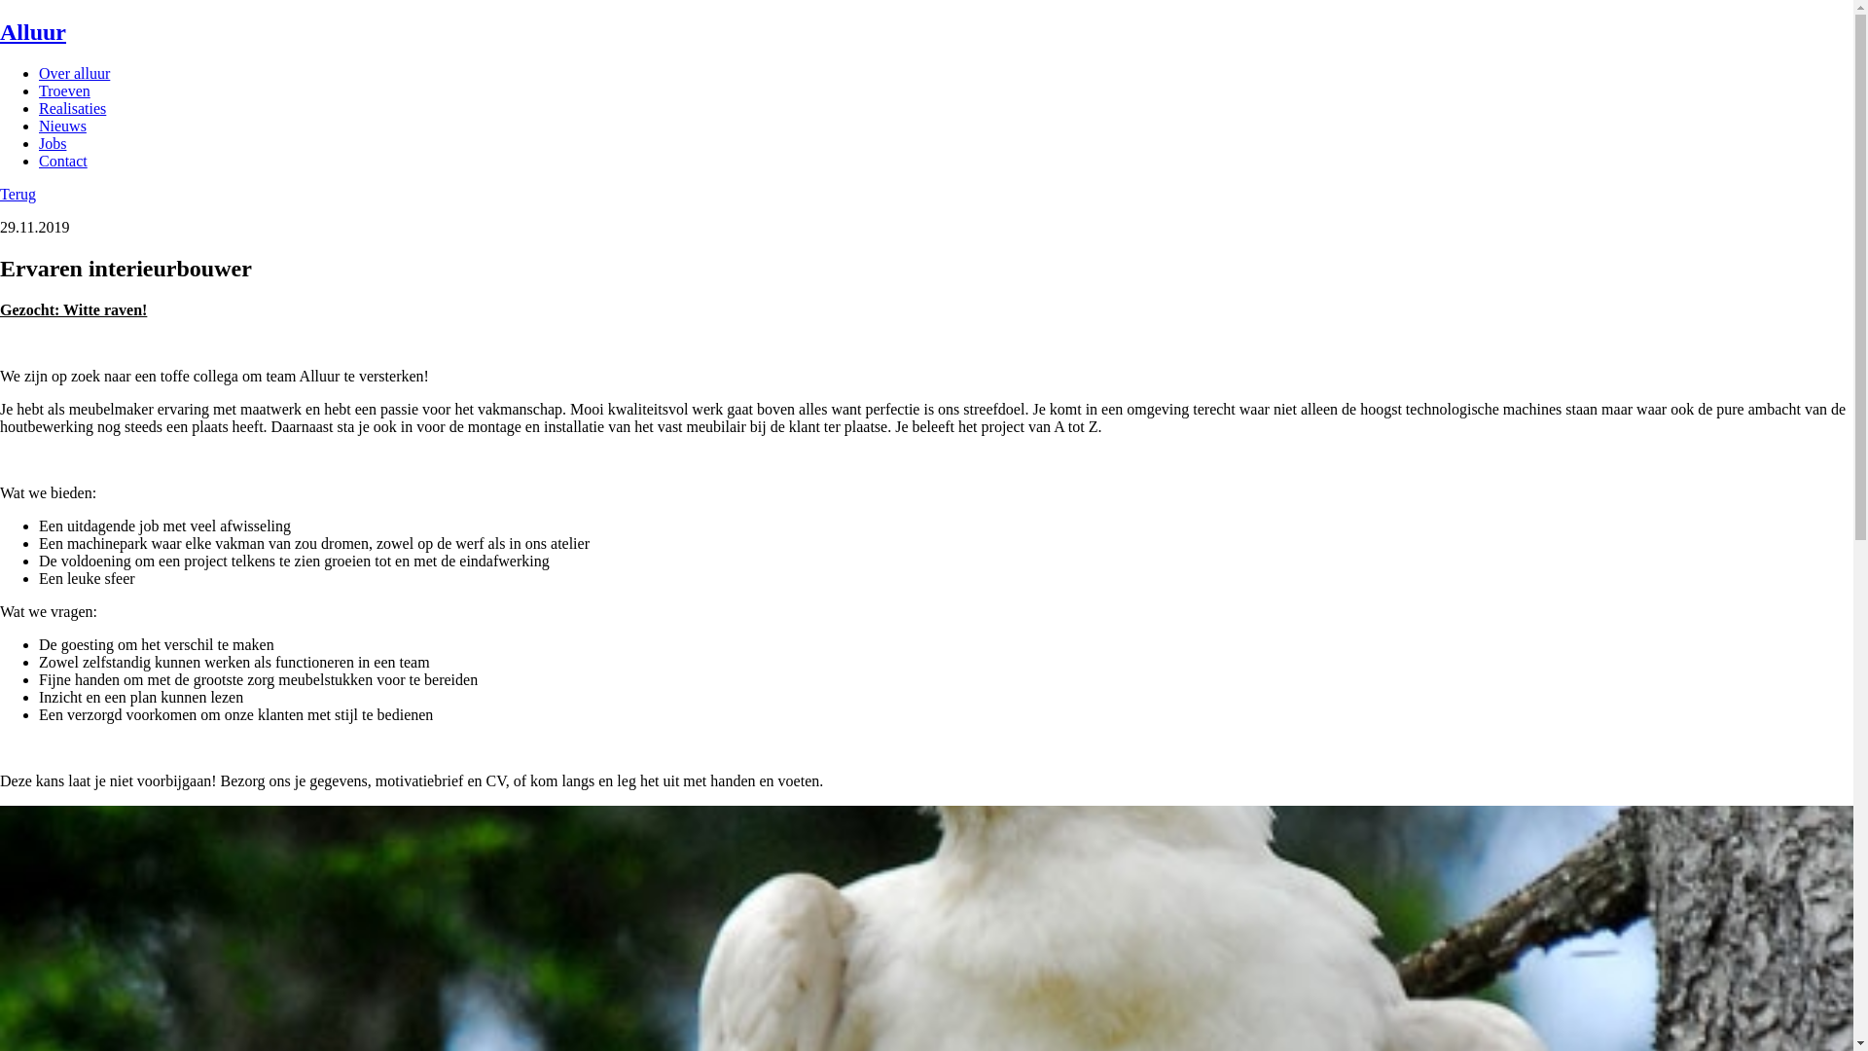  Describe the element at coordinates (38, 108) in the screenshot. I see `'Realisaties'` at that location.